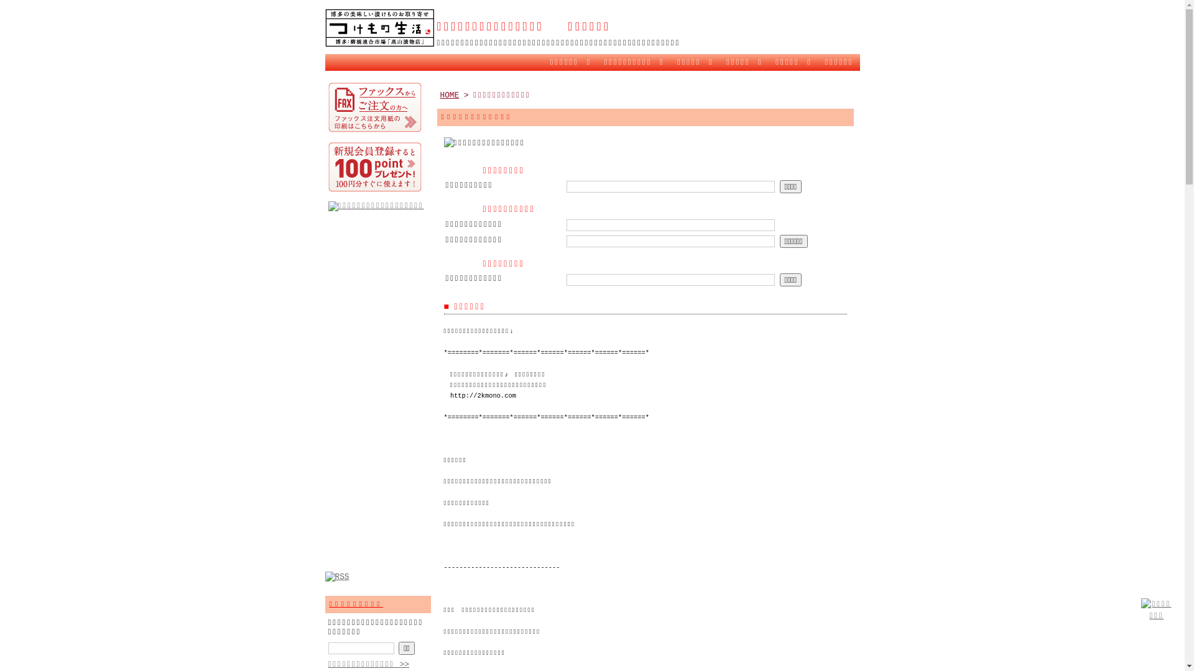  Describe the element at coordinates (449, 94) in the screenshot. I see `'HOME'` at that location.